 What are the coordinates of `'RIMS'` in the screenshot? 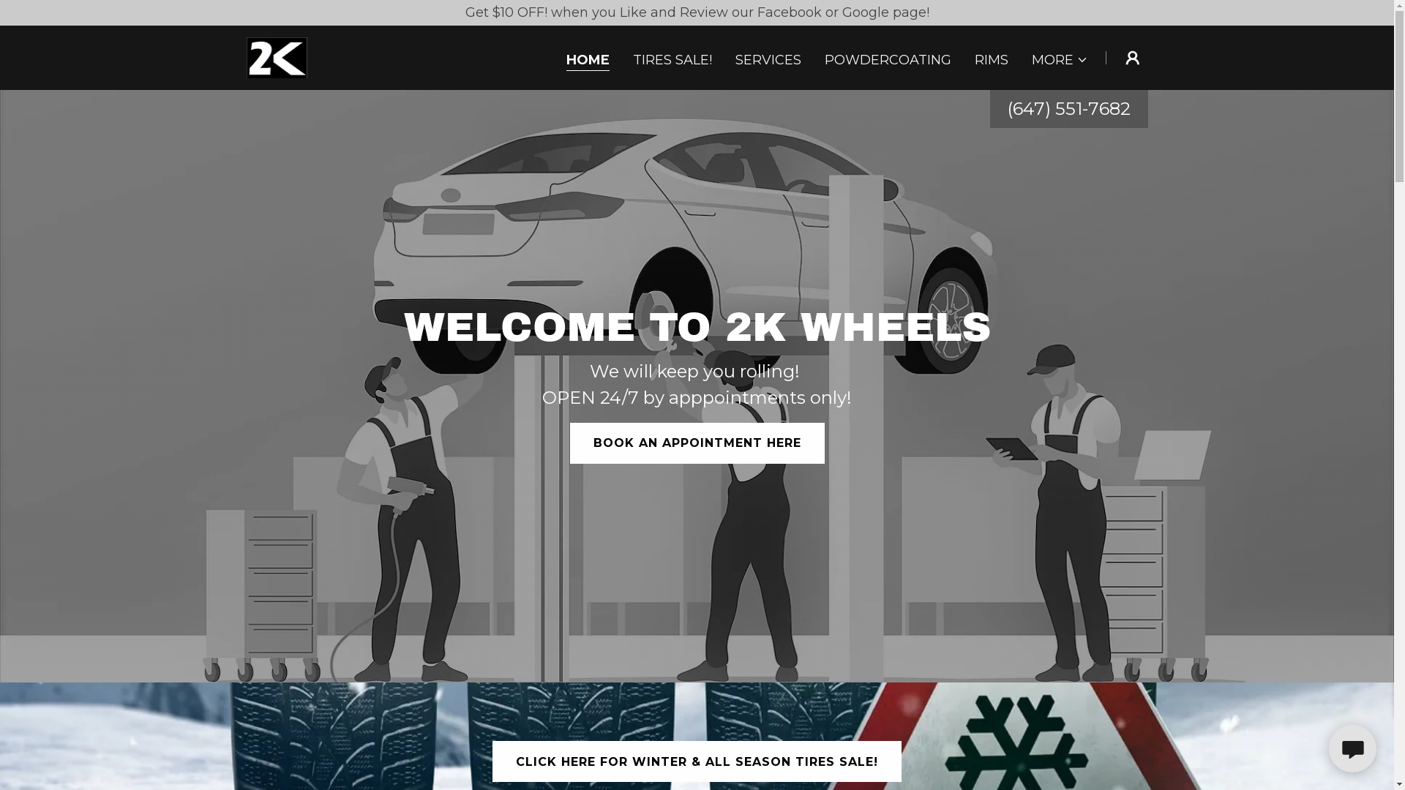 It's located at (991, 59).